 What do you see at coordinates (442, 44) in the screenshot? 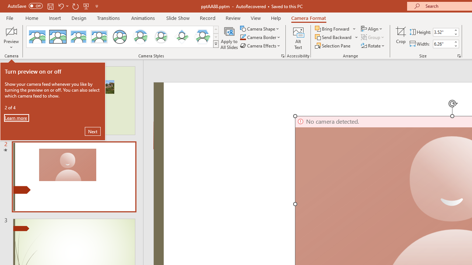
I see `'Cameo Width'` at bounding box center [442, 44].